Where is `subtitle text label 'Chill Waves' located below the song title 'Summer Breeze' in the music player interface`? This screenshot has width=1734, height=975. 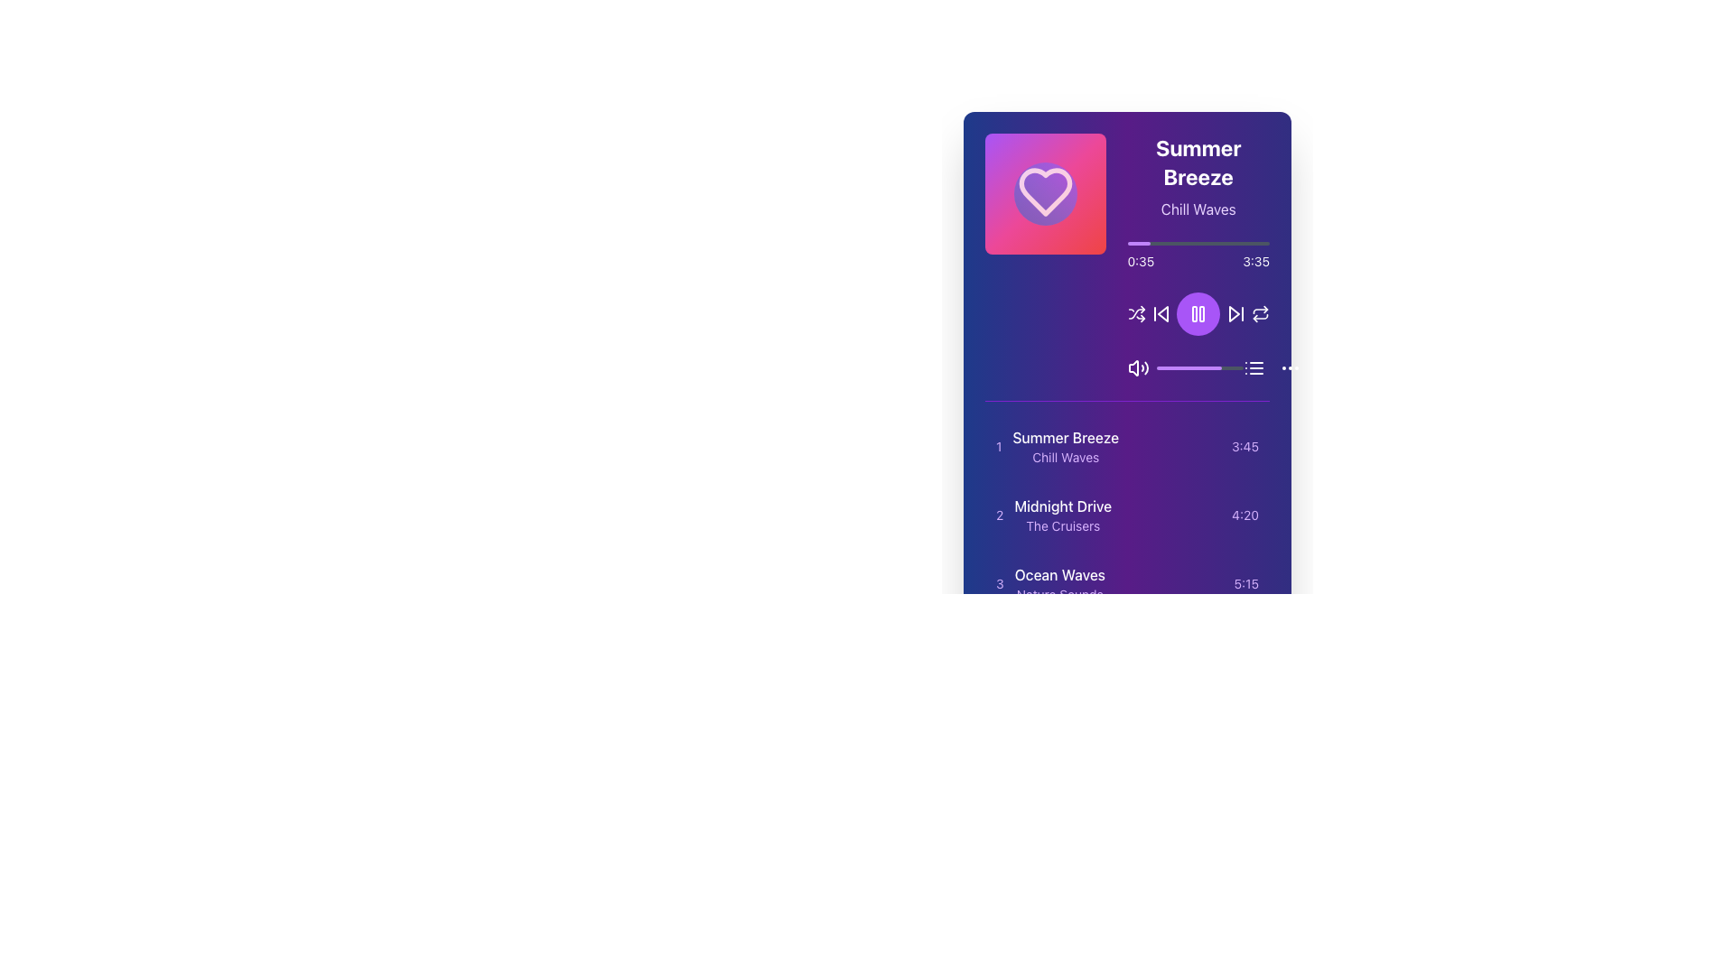 subtitle text label 'Chill Waves' located below the song title 'Summer Breeze' in the music player interface is located at coordinates (1066, 456).